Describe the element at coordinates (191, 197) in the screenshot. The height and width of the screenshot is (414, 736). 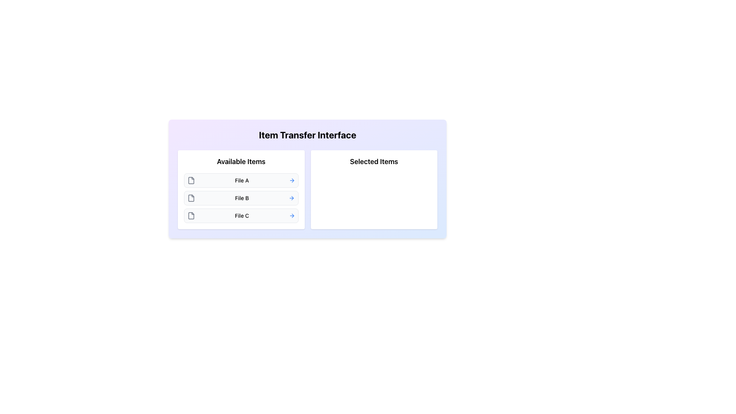
I see `the icon representing the item labeled 'File B'` at that location.